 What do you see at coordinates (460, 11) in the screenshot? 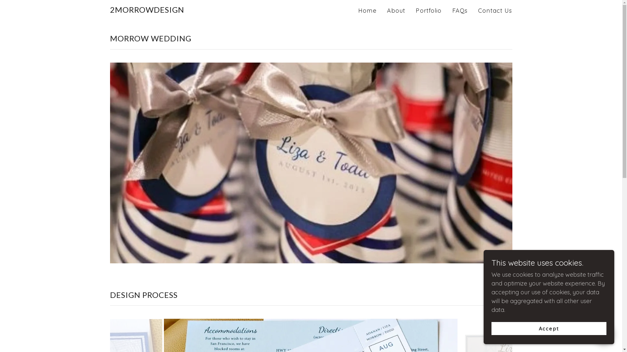
I see `'FAQs'` at bounding box center [460, 11].